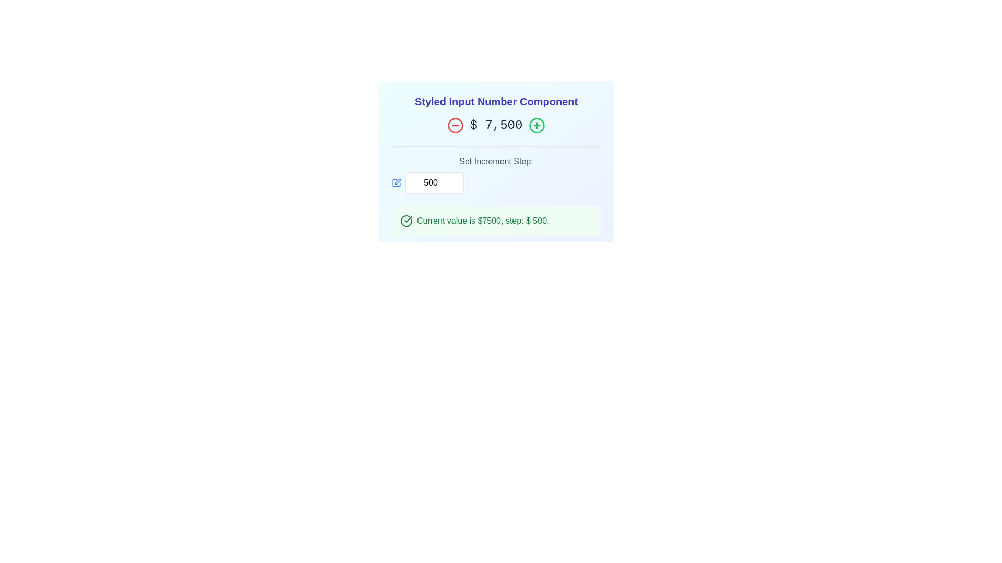 Image resolution: width=1002 pixels, height=563 pixels. I want to click on the input field of the Composite component labeled 'Set Increment Step:', so click(495, 182).